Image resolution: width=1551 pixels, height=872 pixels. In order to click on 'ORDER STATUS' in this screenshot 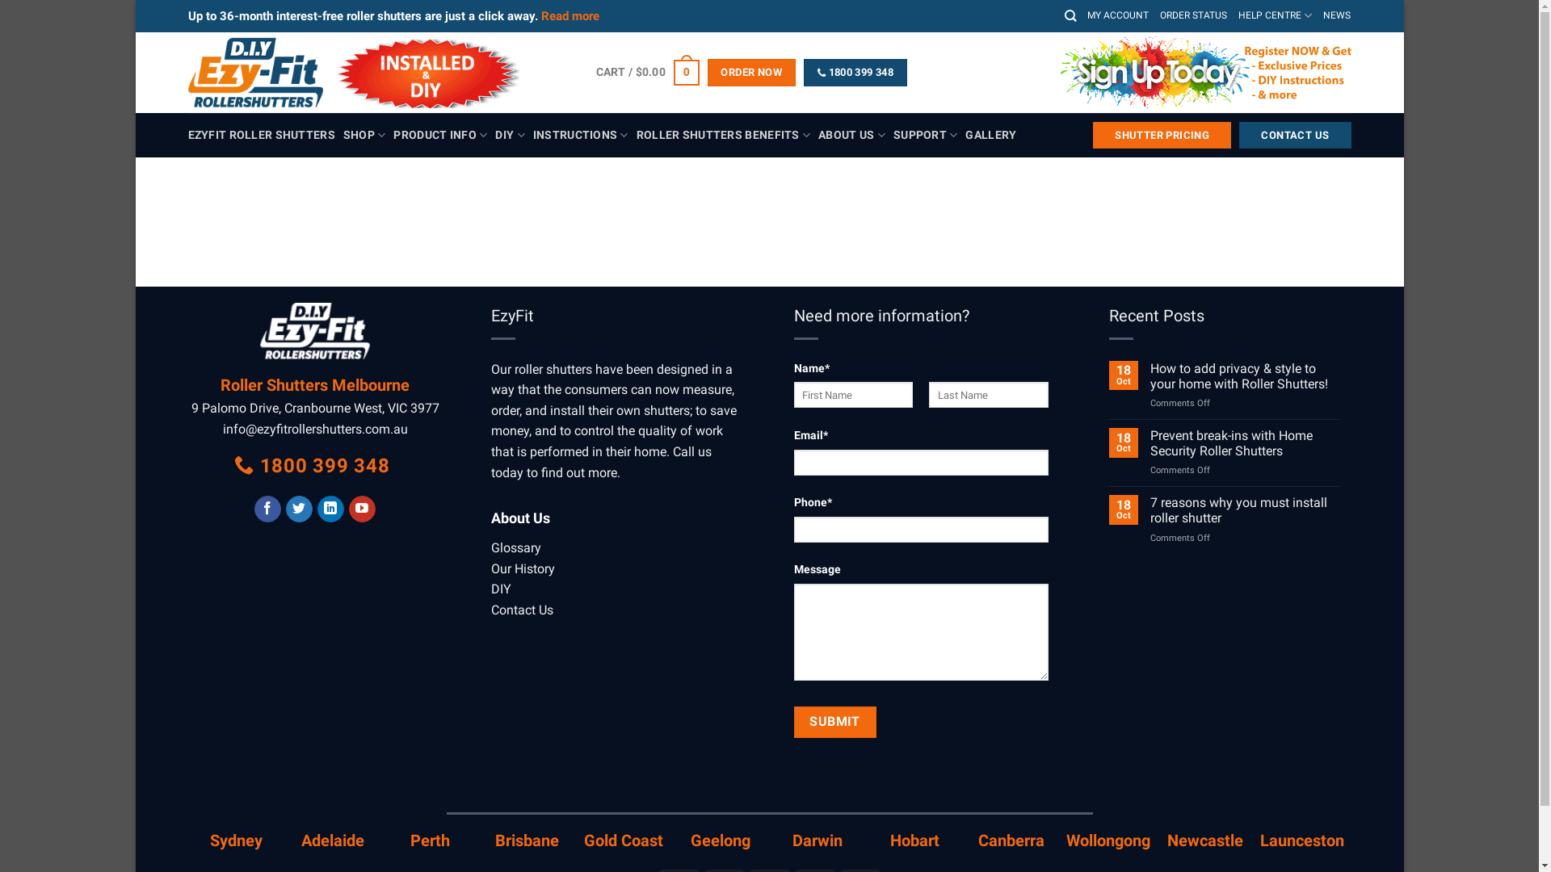, I will do `click(1193, 15)`.